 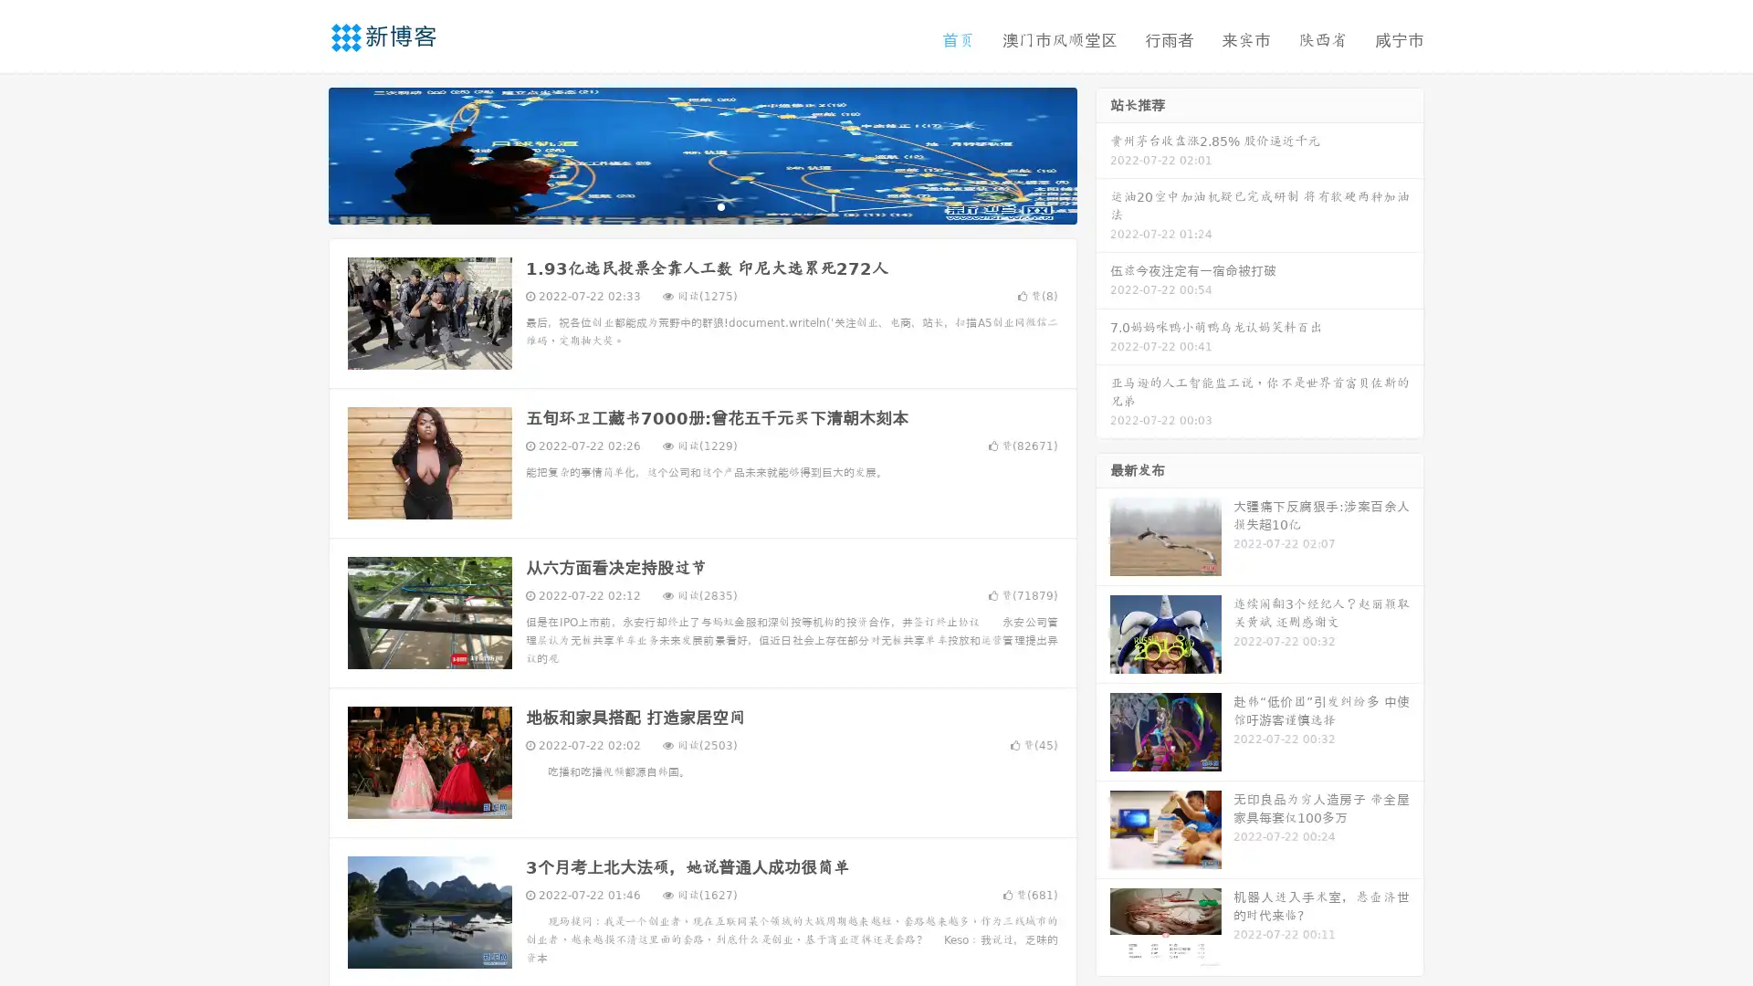 I want to click on Go to slide 2, so click(x=701, y=205).